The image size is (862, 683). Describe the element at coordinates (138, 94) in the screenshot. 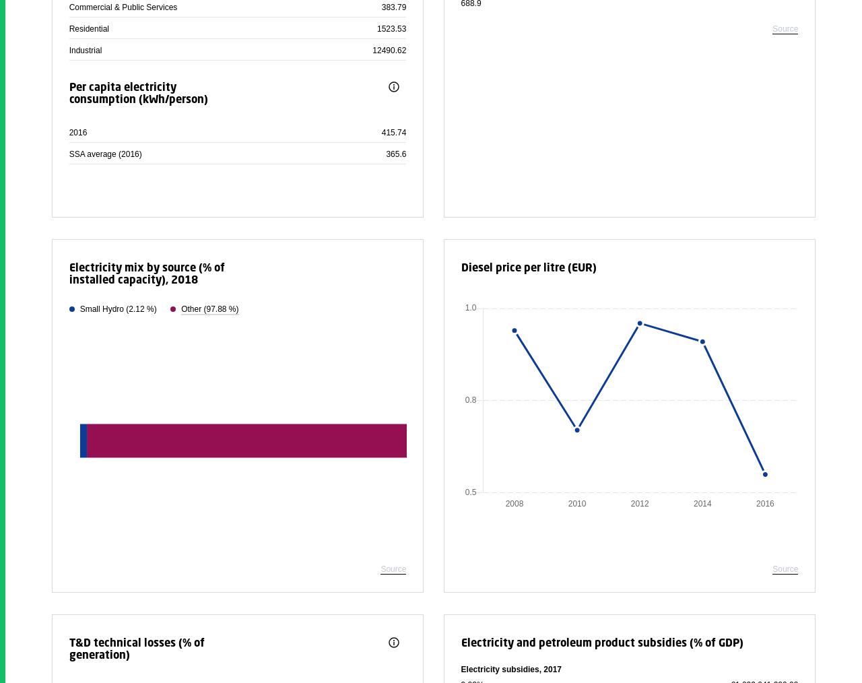

I see `'Per capita electricity consumption (kWh/person)'` at that location.